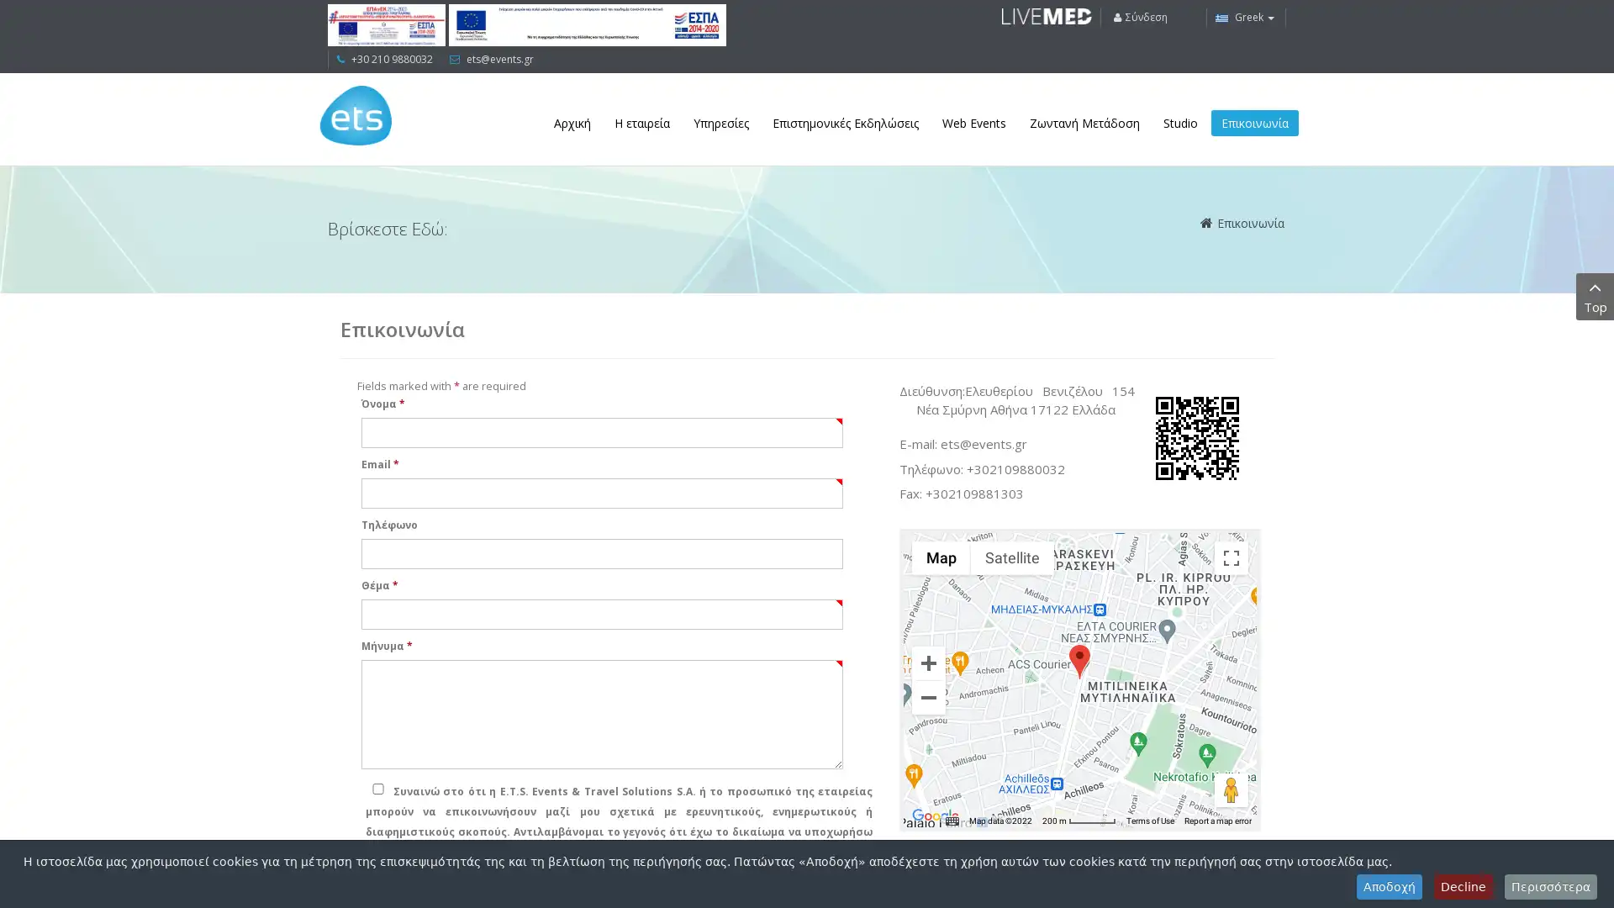 The height and width of the screenshot is (908, 1614). What do you see at coordinates (952, 819) in the screenshot?
I see `Keyboard shortcuts` at bounding box center [952, 819].